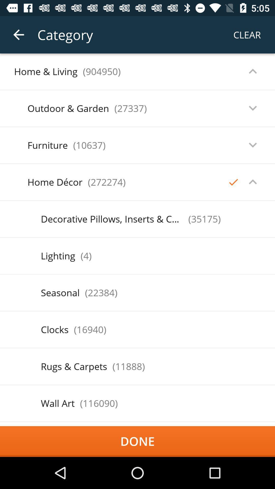 The image size is (275, 489). Describe the element at coordinates (18, 34) in the screenshot. I see `the item above the home & living item` at that location.